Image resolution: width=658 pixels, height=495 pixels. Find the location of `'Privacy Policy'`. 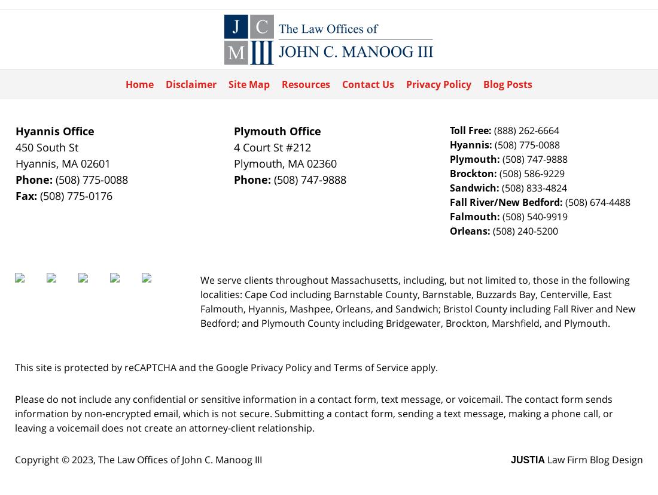

'Privacy Policy' is located at coordinates (281, 366).